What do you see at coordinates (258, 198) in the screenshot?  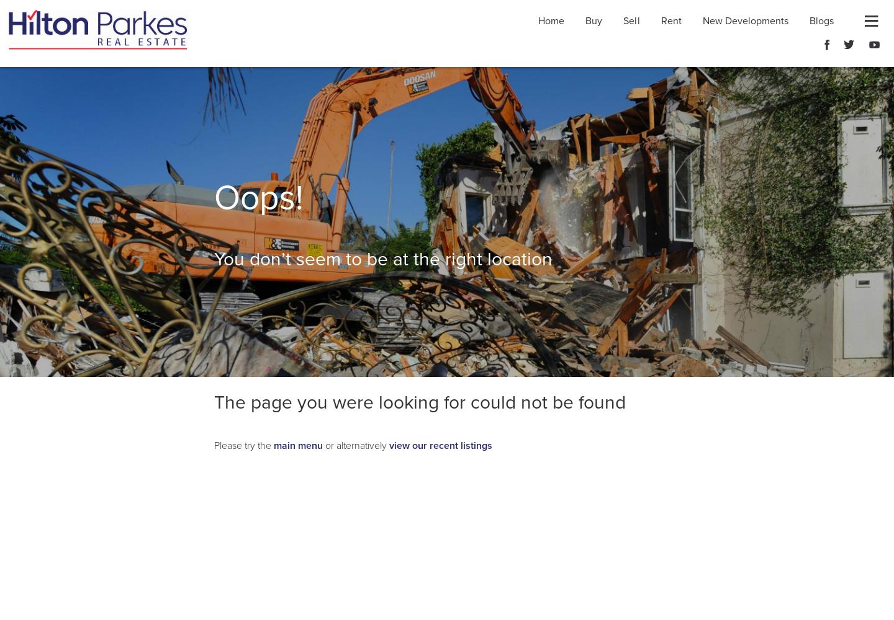 I see `'Oops!'` at bounding box center [258, 198].